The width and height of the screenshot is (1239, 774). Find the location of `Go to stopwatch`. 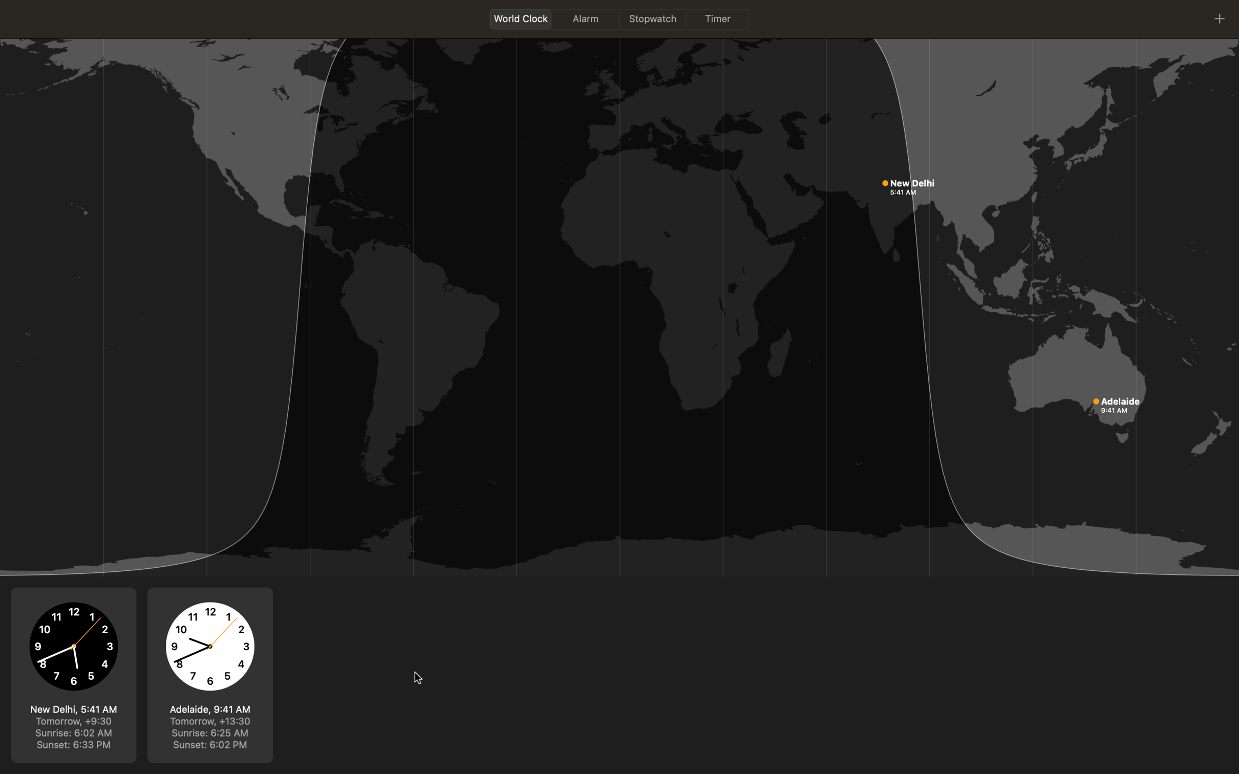

Go to stopwatch is located at coordinates (653, 18).